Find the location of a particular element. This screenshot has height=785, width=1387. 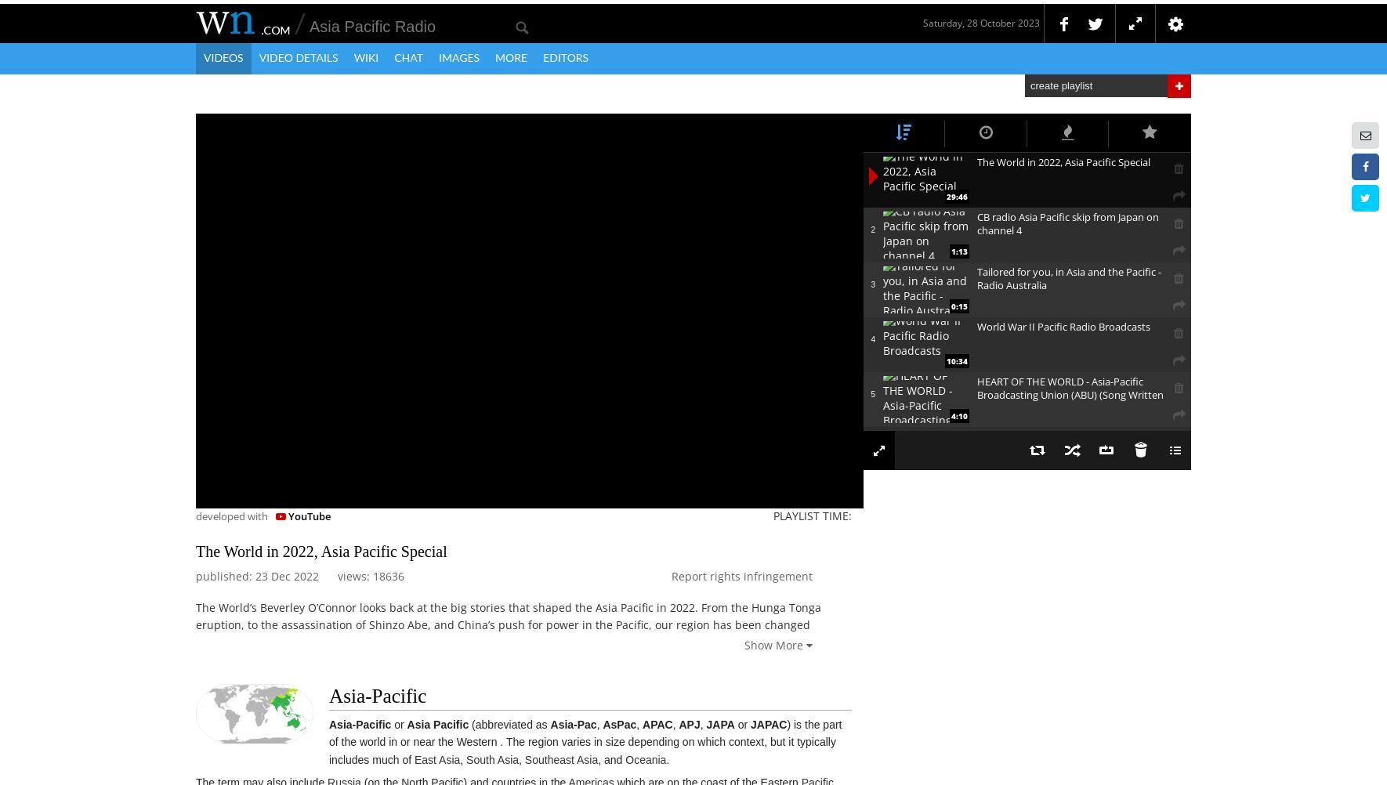

'Asia-Pac' is located at coordinates (549, 723).